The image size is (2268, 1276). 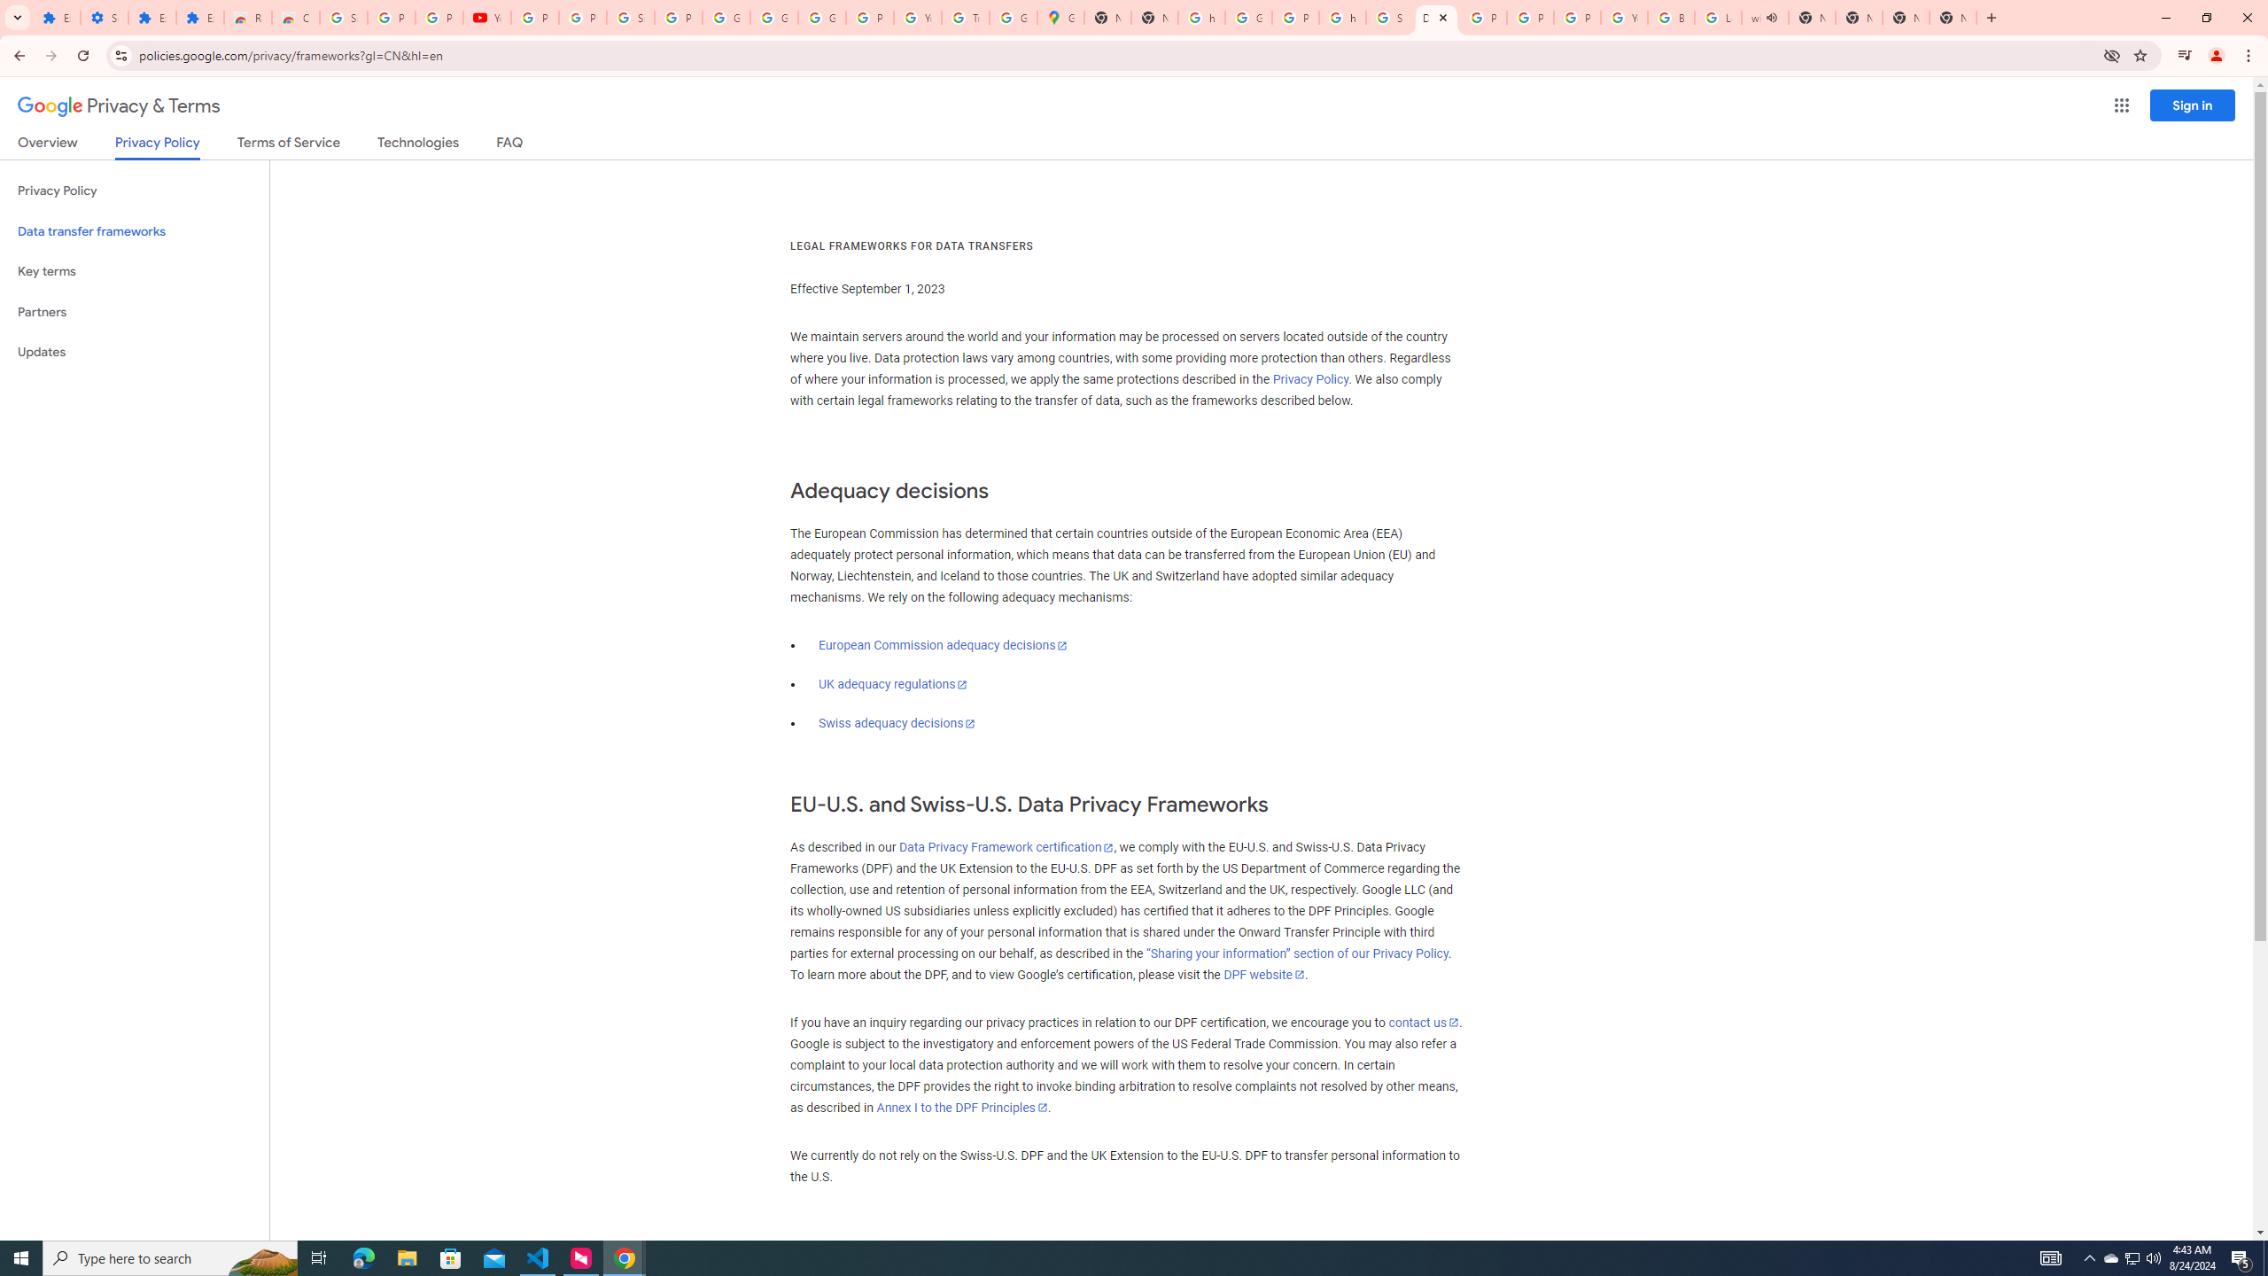 What do you see at coordinates (1201, 17) in the screenshot?
I see `'https://scholar.google.com/'` at bounding box center [1201, 17].